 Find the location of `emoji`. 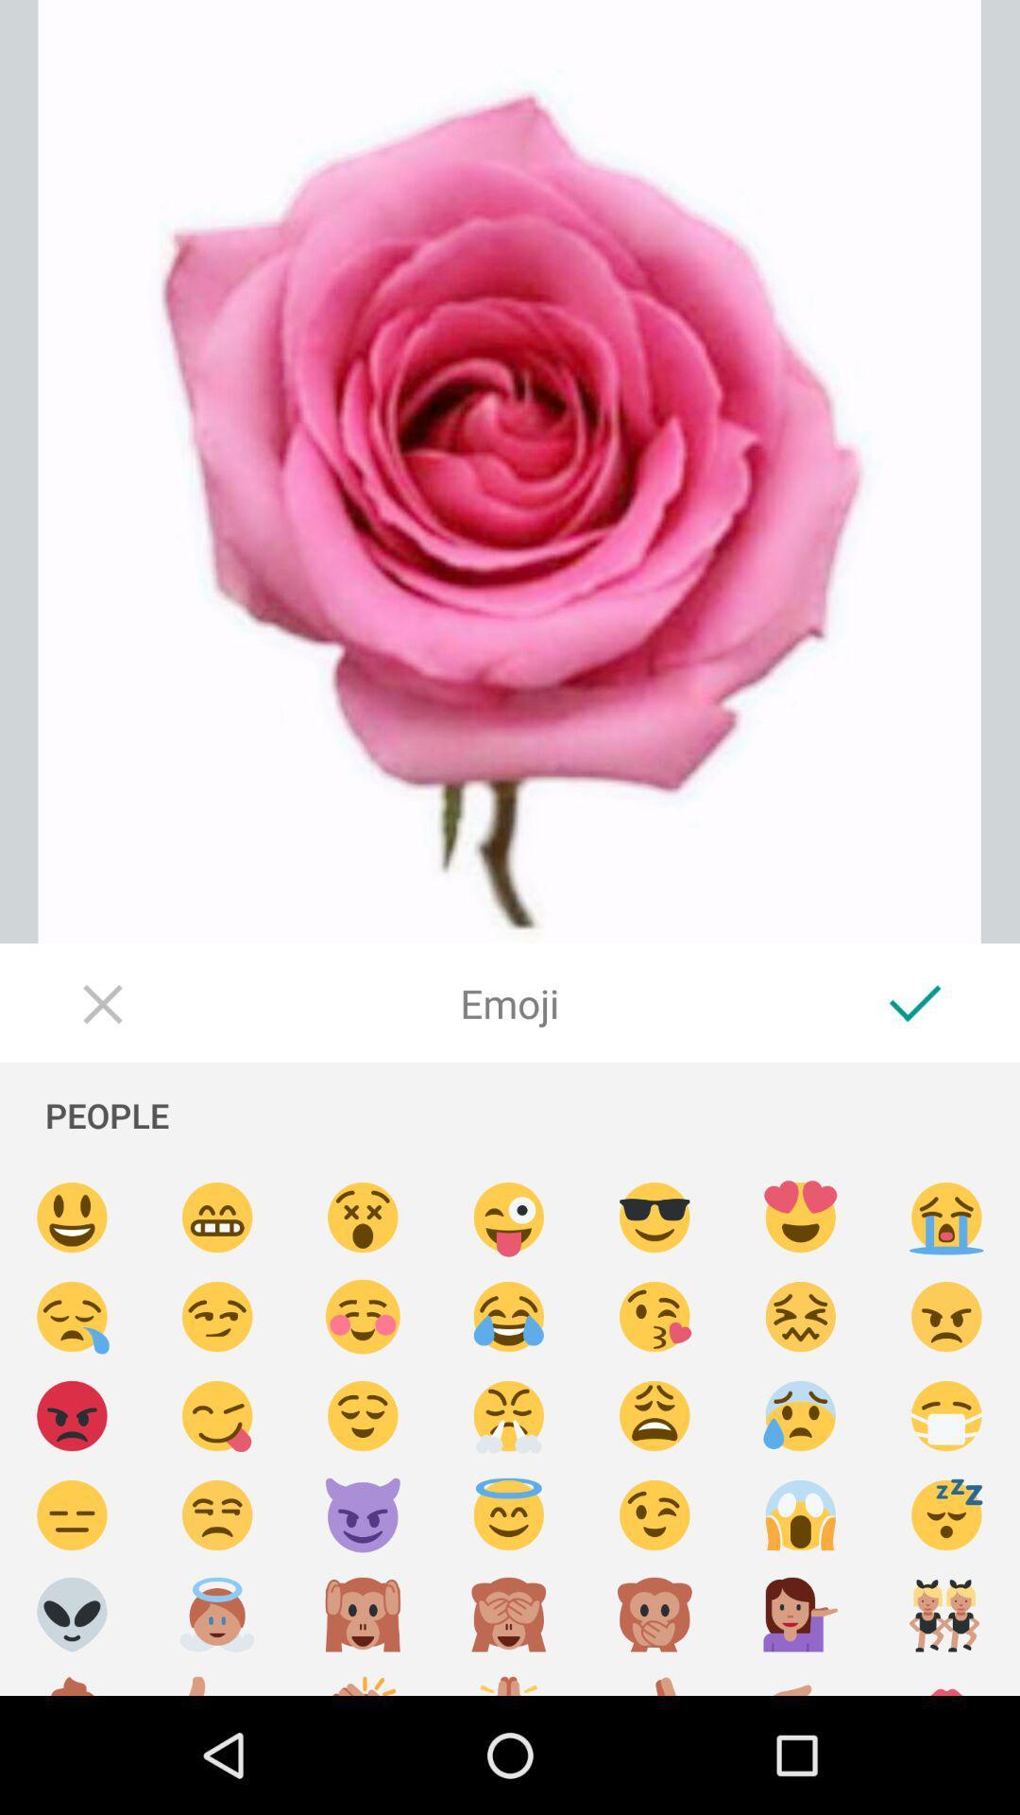

emoji is located at coordinates (654, 1680).